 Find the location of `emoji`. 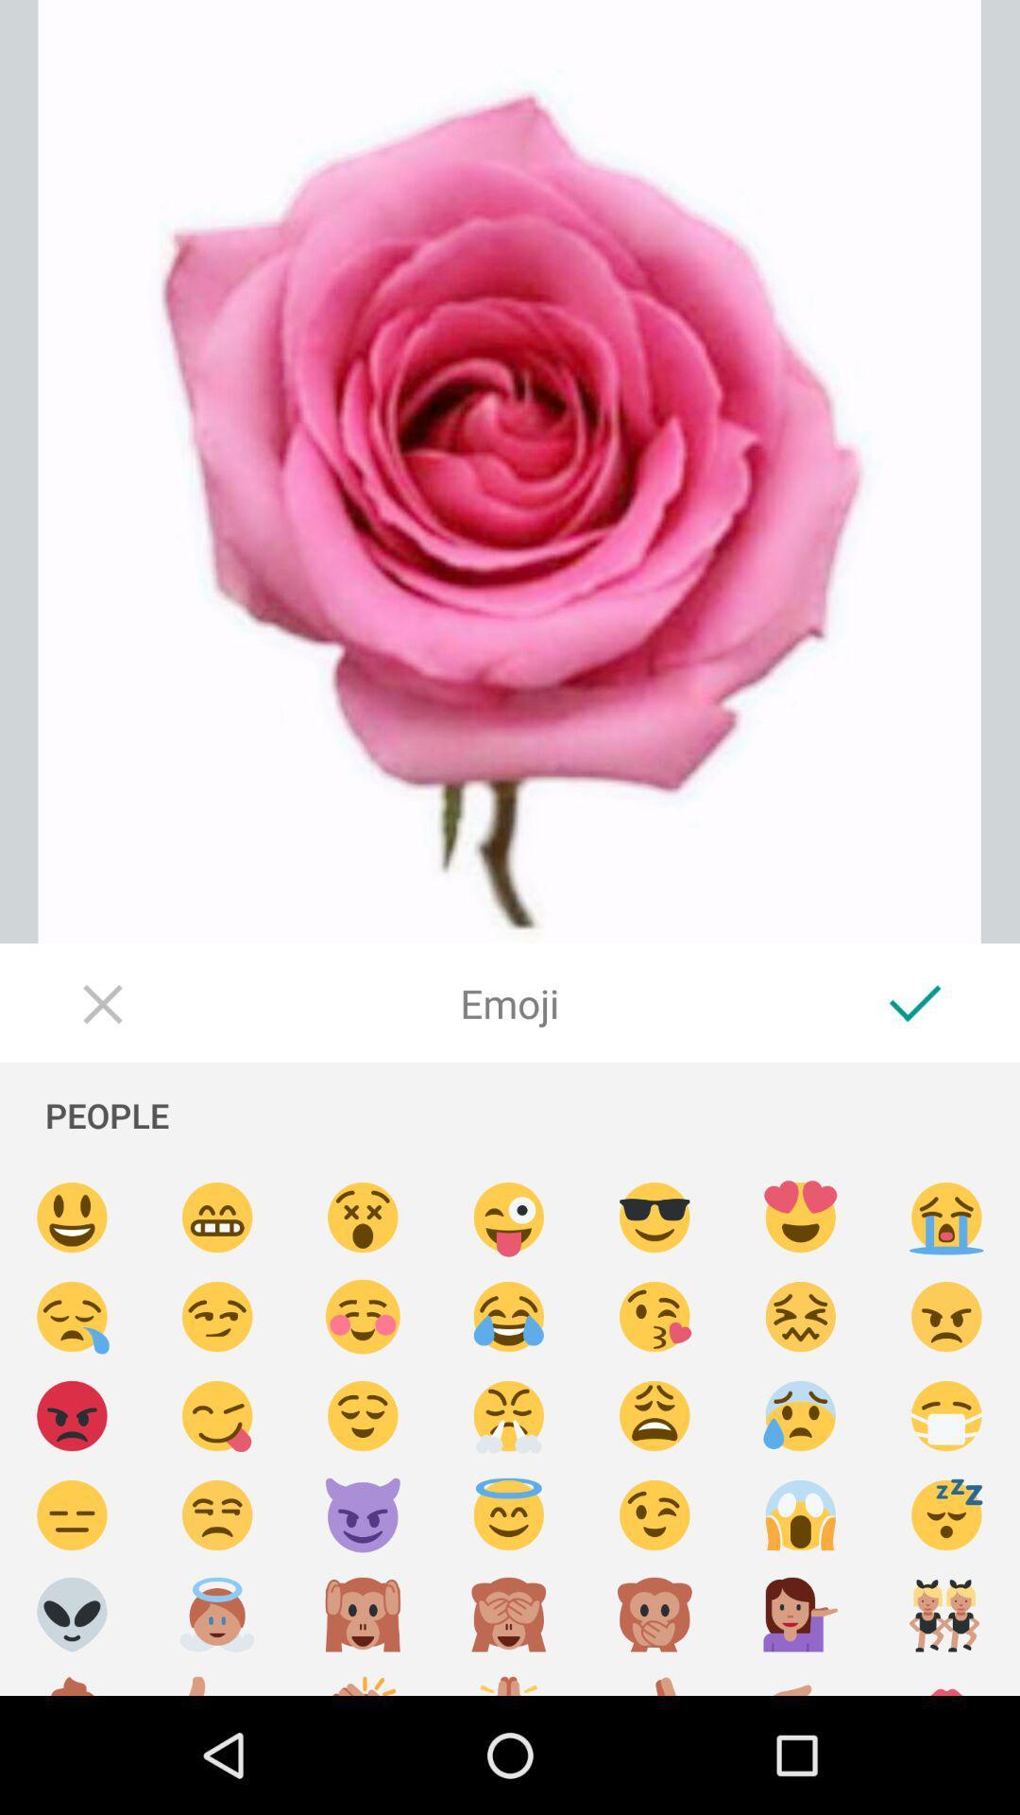

emoji is located at coordinates (654, 1680).